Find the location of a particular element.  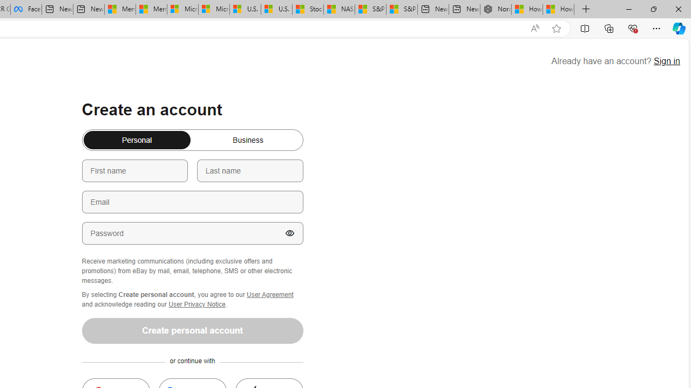

'User Agreement' is located at coordinates (270, 294).